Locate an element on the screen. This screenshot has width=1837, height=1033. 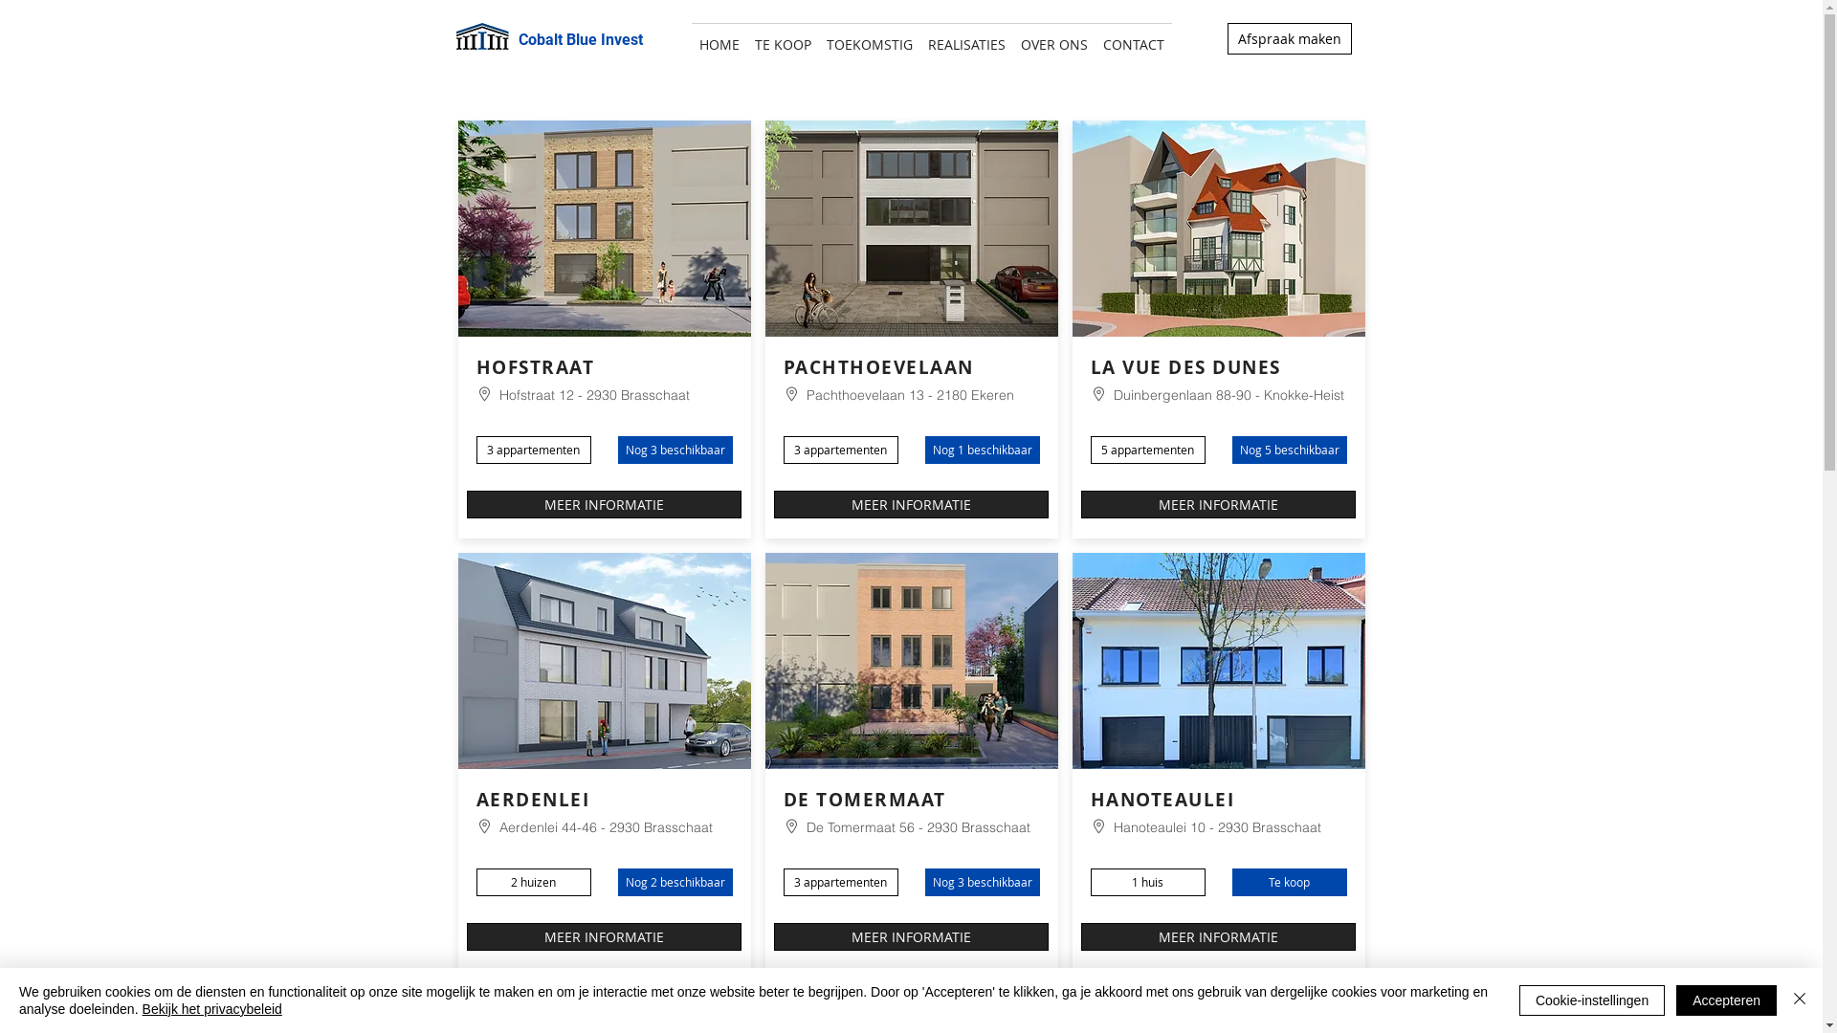
'TE KOOP' is located at coordinates (783, 35).